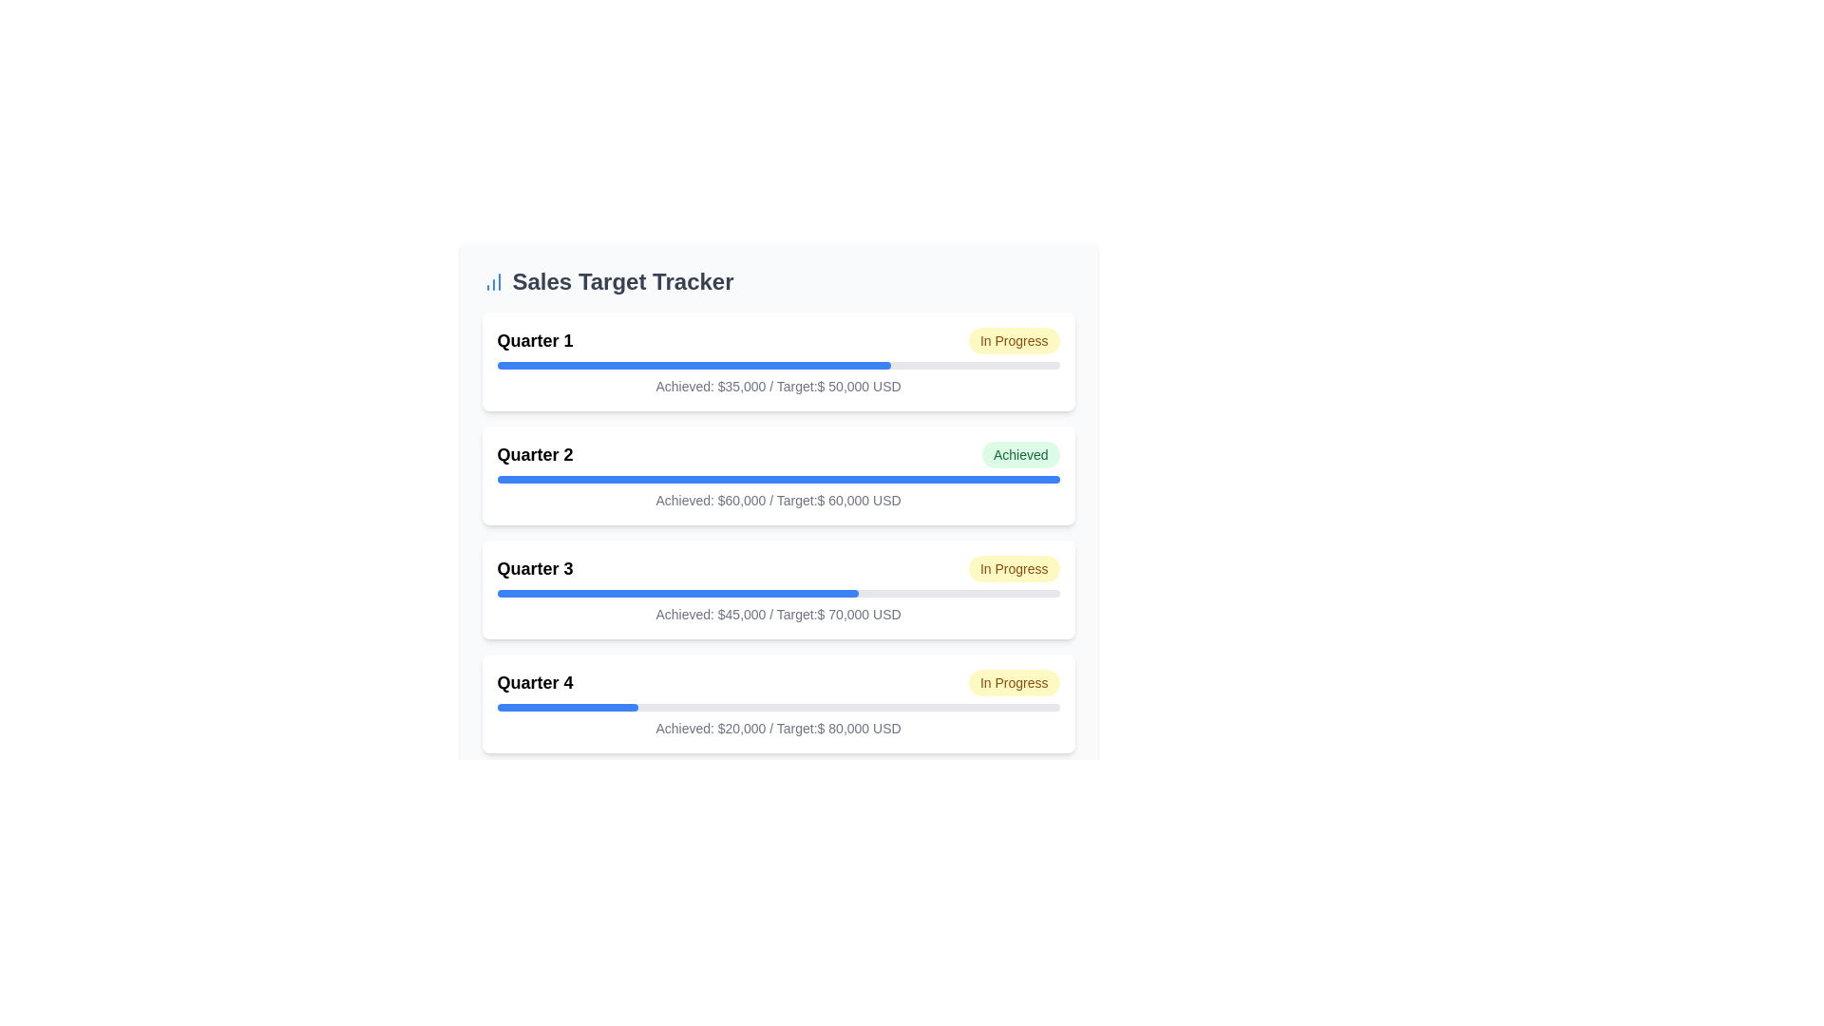  I want to click on the non-interactive status label with a yellow background that reads 'In Progress', located to the far right of the 'Quarter 1' section, so click(1013, 339).